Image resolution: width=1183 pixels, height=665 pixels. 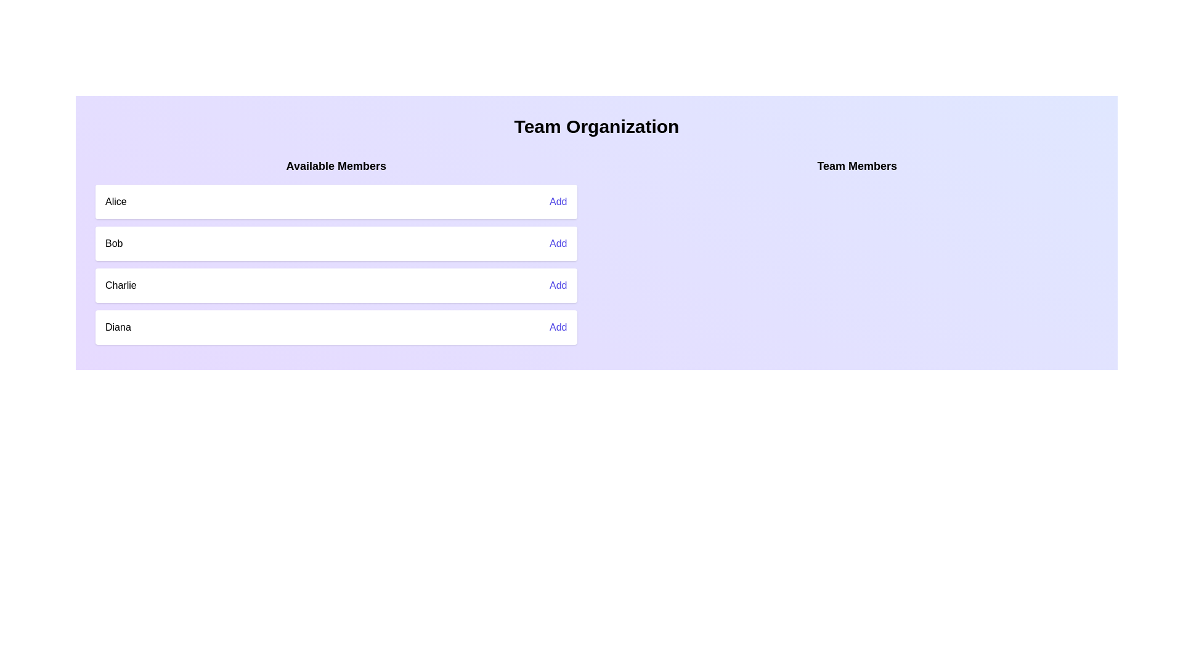 What do you see at coordinates (558, 244) in the screenshot?
I see `'Add' button for the member Bob to add them to the team` at bounding box center [558, 244].